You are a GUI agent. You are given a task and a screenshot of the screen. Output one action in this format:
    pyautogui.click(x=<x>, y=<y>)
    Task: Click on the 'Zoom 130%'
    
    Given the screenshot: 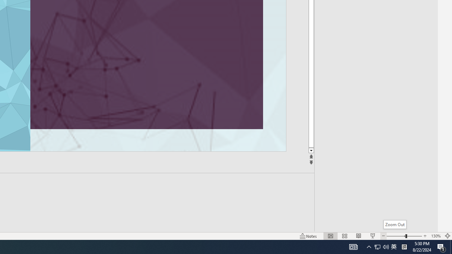 What is the action you would take?
    pyautogui.click(x=435, y=236)
    